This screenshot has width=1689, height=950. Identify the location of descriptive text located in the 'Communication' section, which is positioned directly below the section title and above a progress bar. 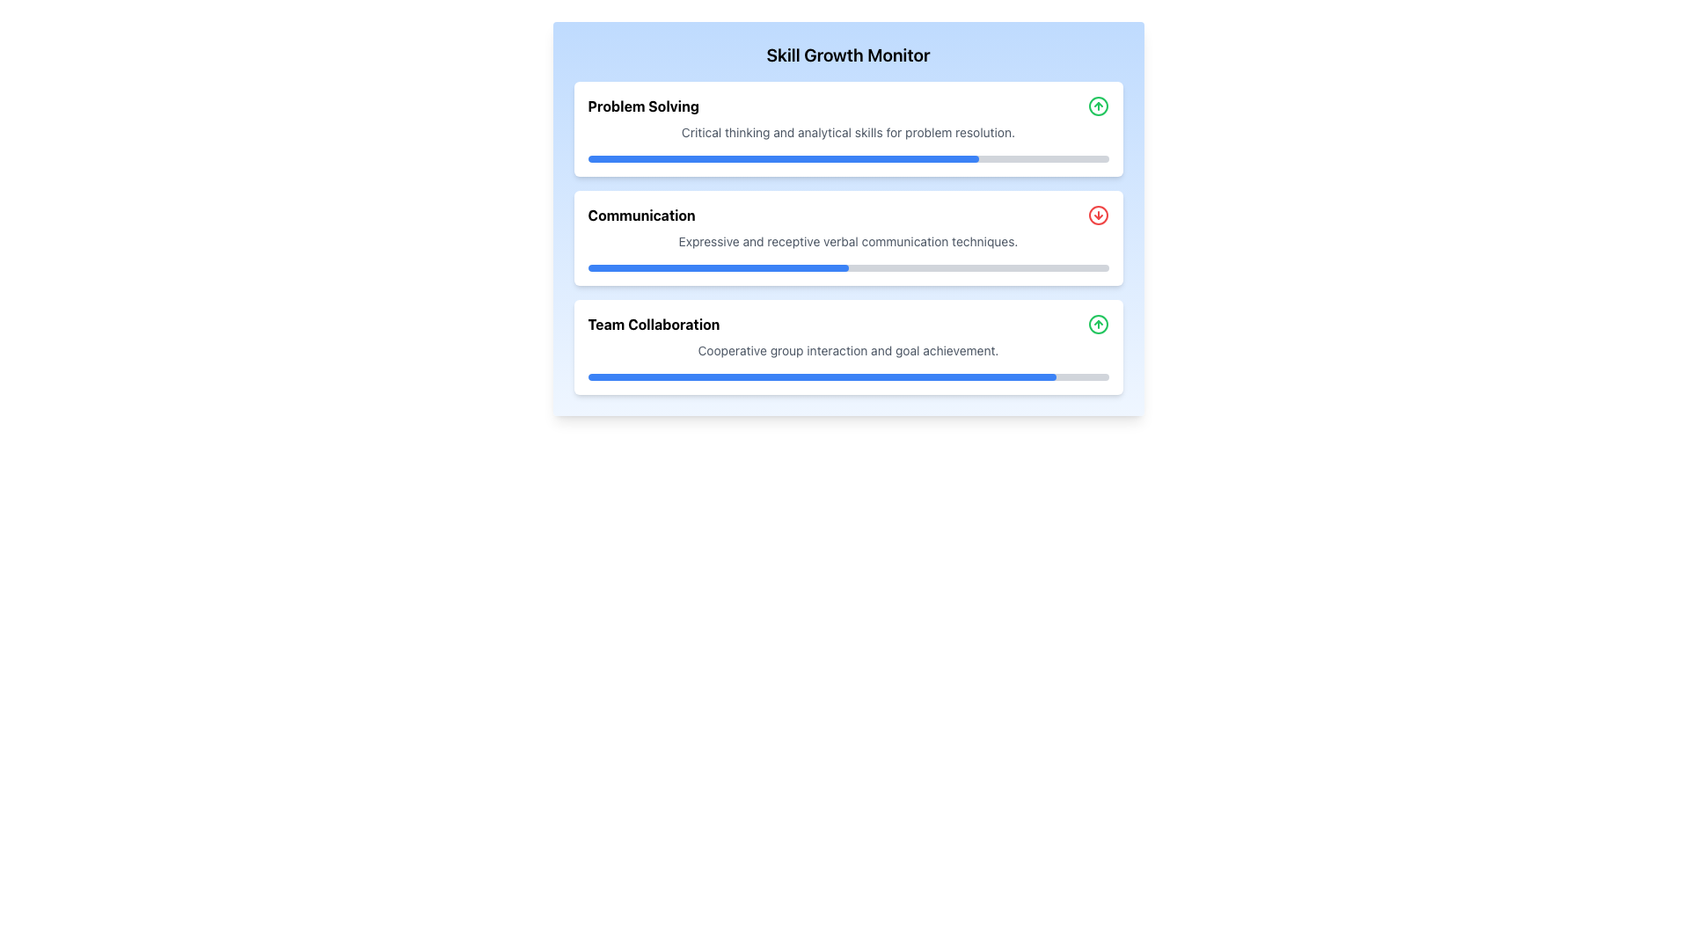
(848, 241).